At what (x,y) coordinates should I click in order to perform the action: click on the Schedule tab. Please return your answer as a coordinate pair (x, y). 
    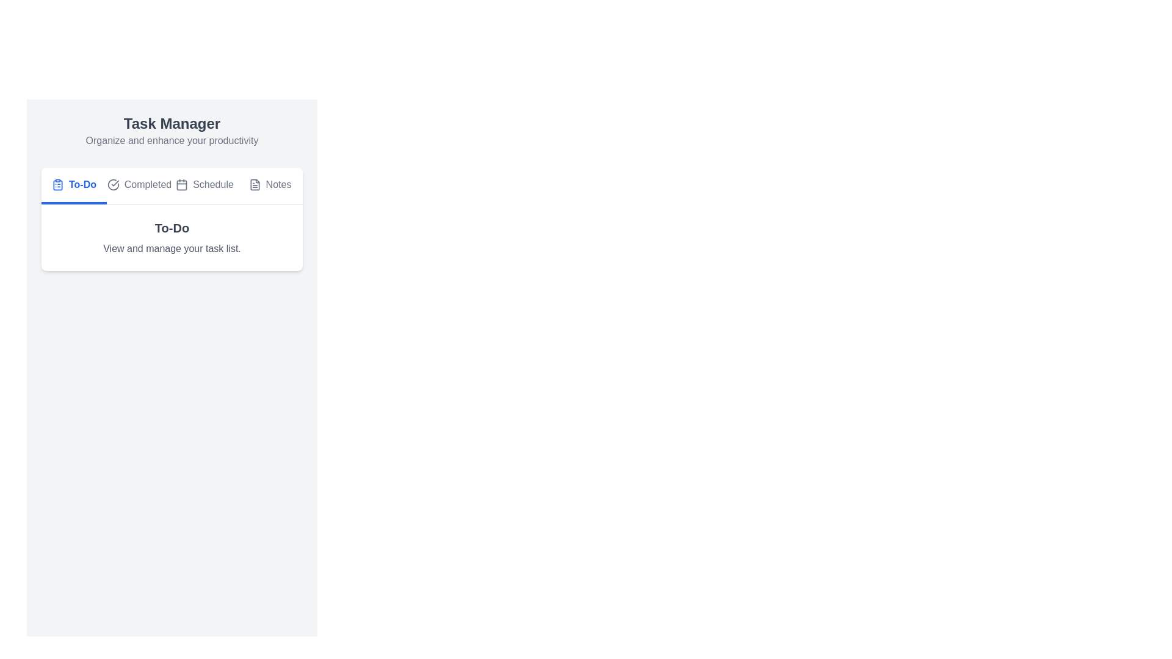
    Looking at the image, I should click on (204, 185).